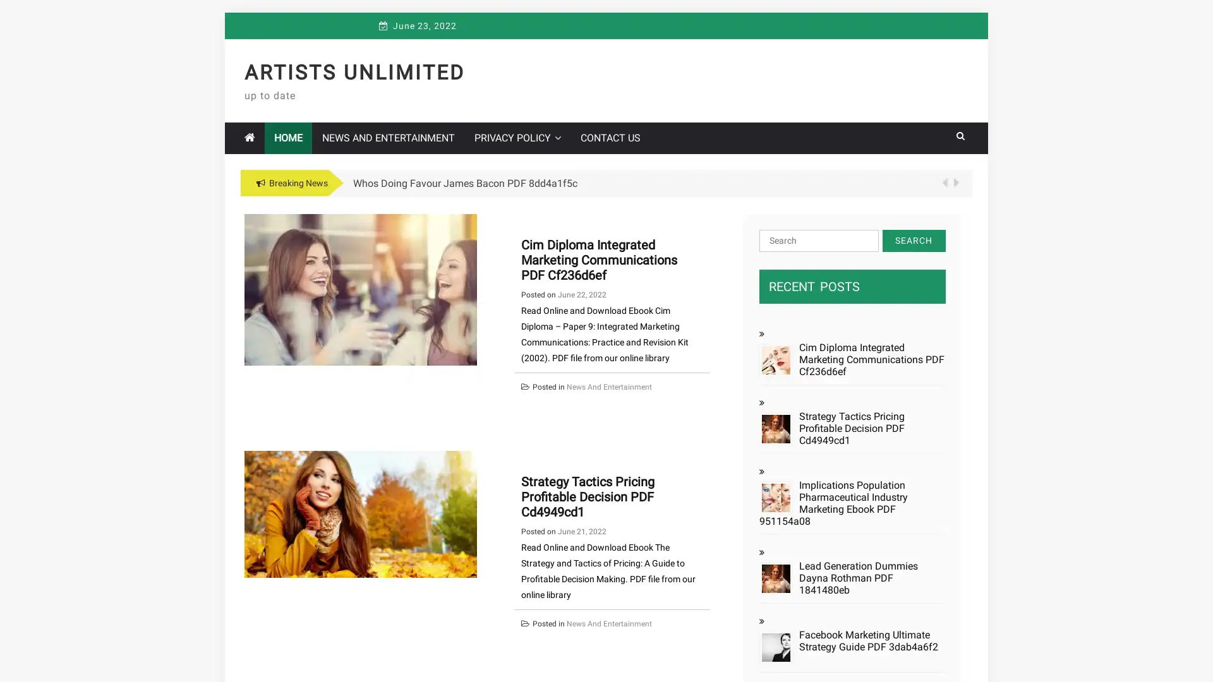 The width and height of the screenshot is (1213, 682). What do you see at coordinates (913, 240) in the screenshot?
I see `Search` at bounding box center [913, 240].